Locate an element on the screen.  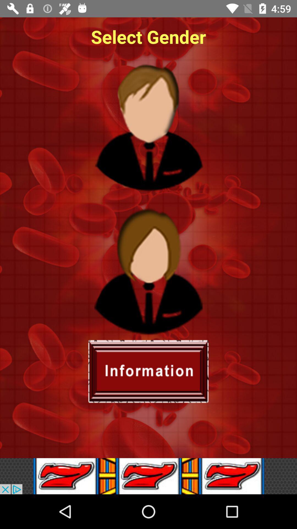
female is located at coordinates (148, 271).